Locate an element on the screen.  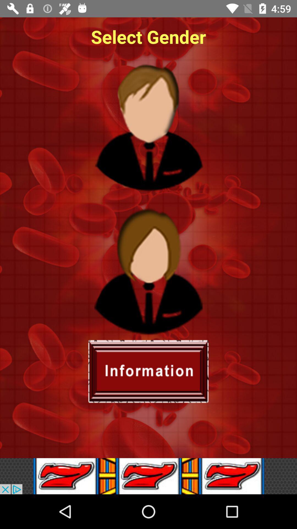
female is located at coordinates (148, 271).